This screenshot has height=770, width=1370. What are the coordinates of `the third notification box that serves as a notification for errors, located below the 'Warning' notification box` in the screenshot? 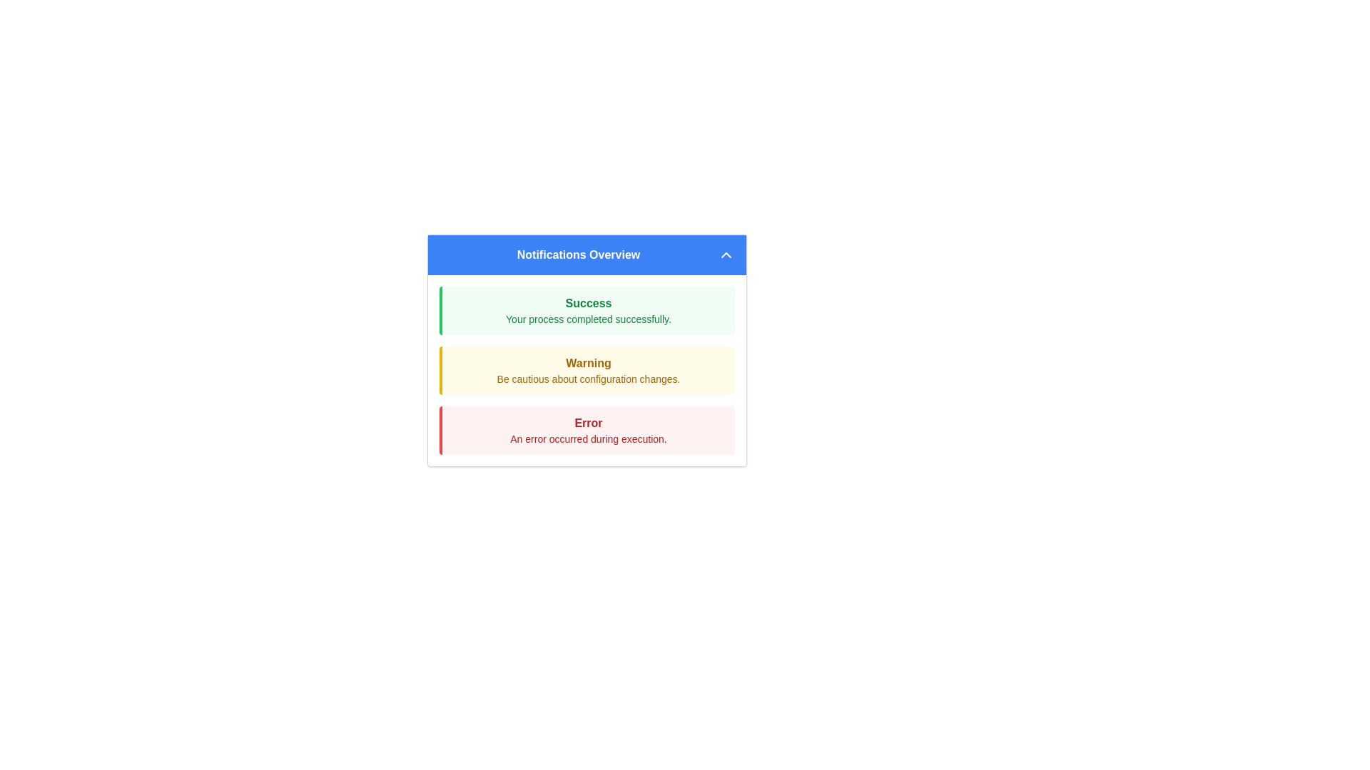 It's located at (587, 430).